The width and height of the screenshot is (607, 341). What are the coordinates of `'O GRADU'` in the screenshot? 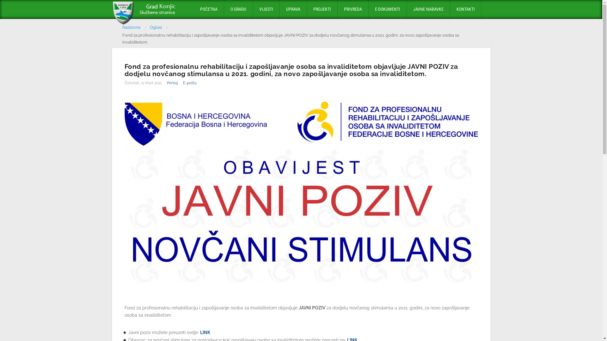 It's located at (238, 9).